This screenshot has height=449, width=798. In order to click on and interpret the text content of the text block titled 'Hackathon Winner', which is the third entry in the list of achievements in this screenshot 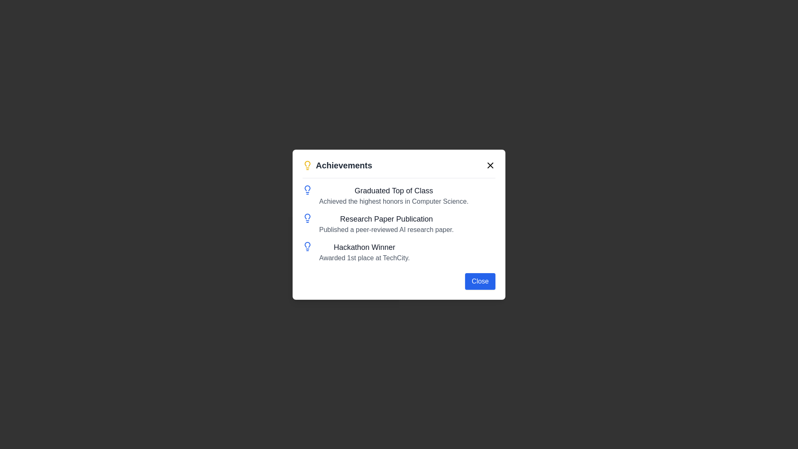, I will do `click(364, 252)`.